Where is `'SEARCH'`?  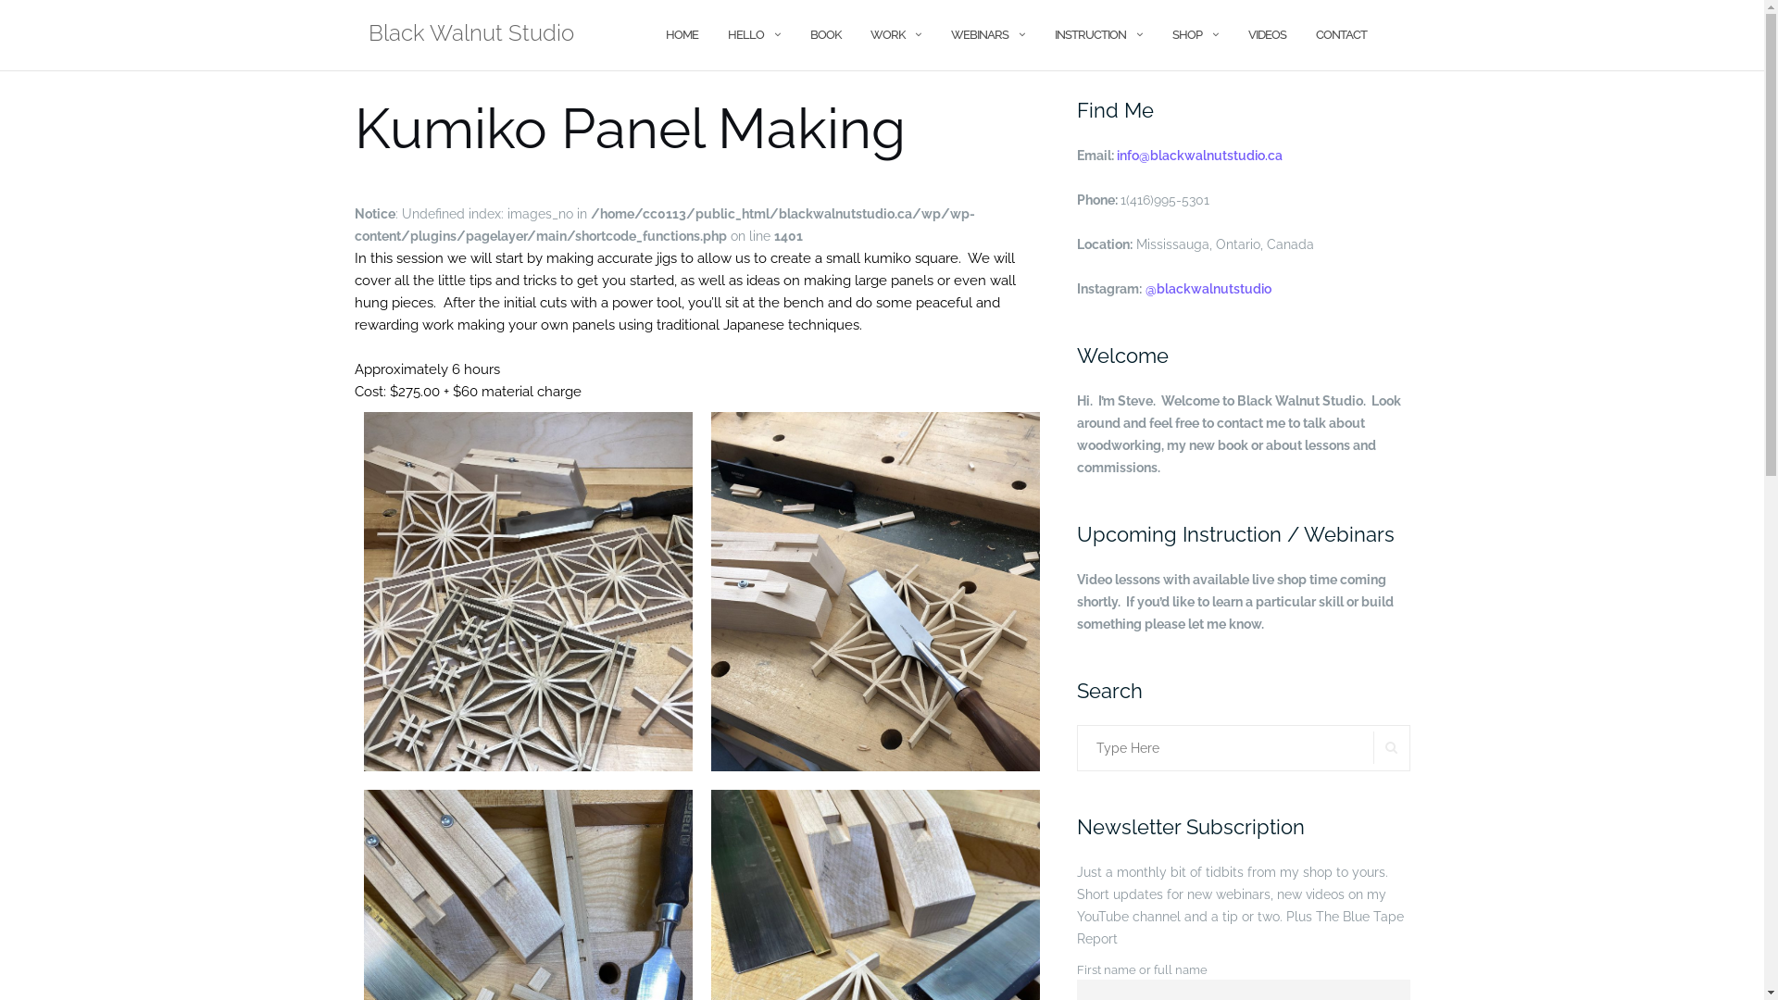
'SEARCH' is located at coordinates (1391, 746).